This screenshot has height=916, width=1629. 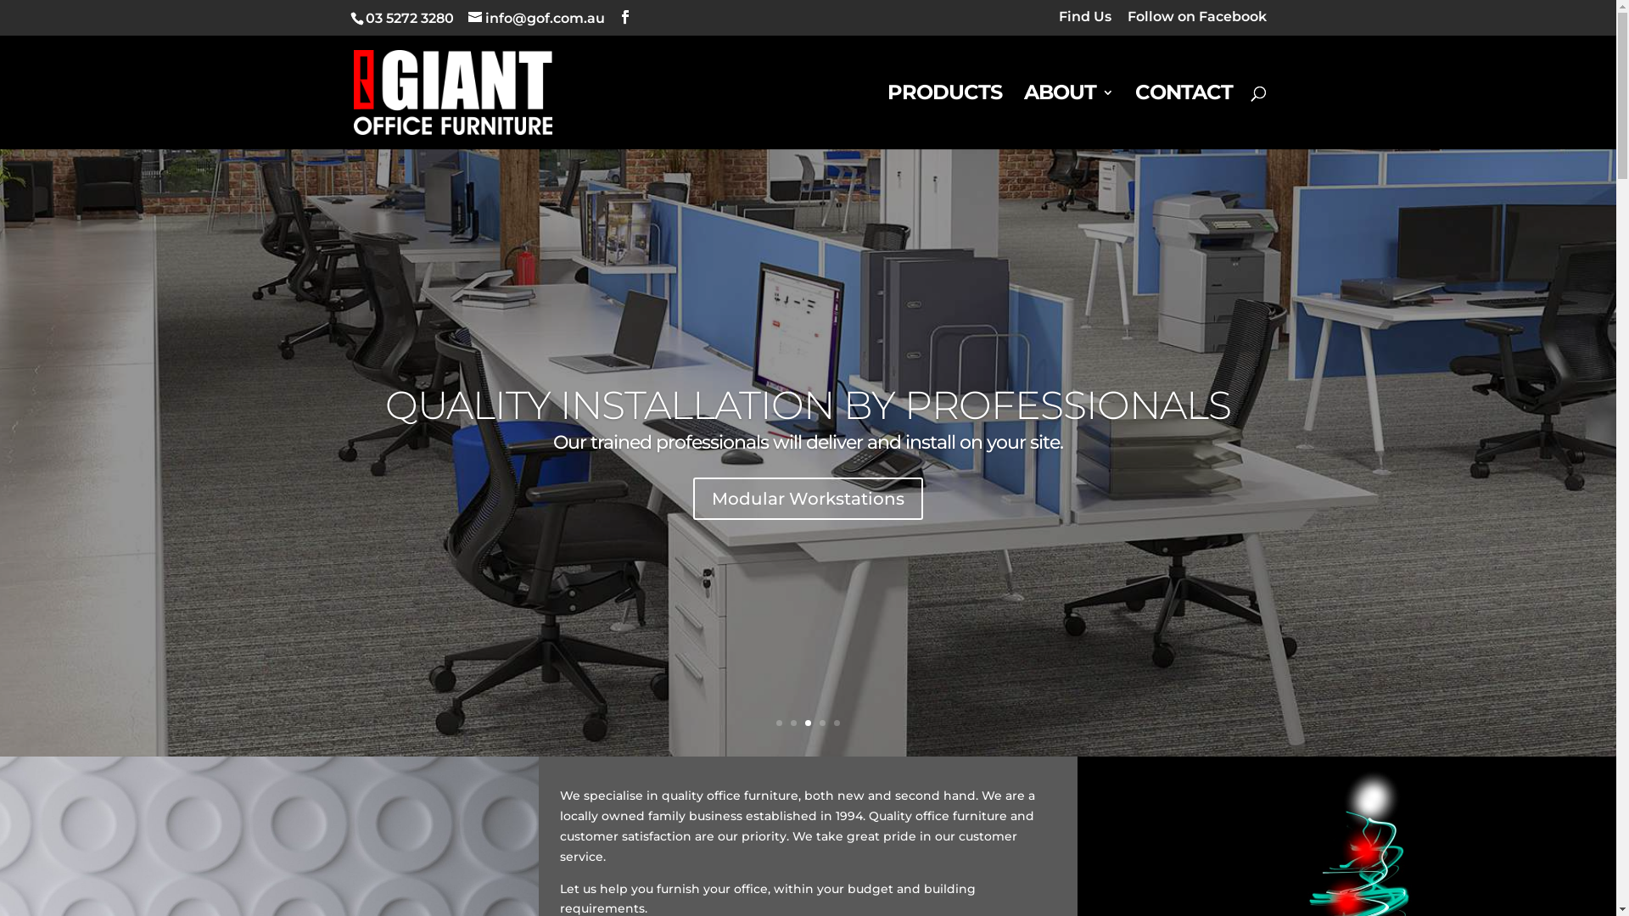 What do you see at coordinates (1058, 22) in the screenshot?
I see `'Find Us'` at bounding box center [1058, 22].